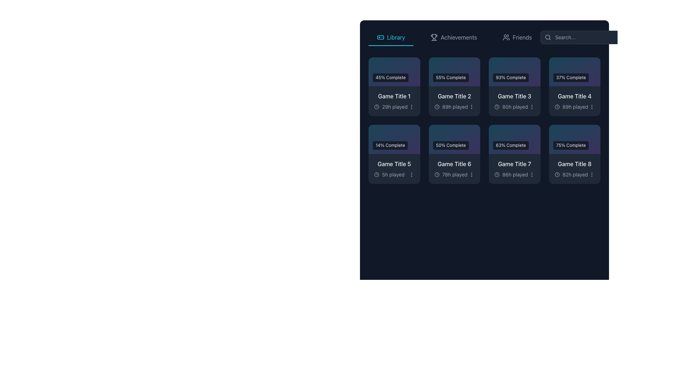 Image resolution: width=685 pixels, height=385 pixels. Describe the element at coordinates (496, 107) in the screenshot. I see `the small circular clock icon located to the left of the '80h played' label within the 'Game Title 3' card` at that location.